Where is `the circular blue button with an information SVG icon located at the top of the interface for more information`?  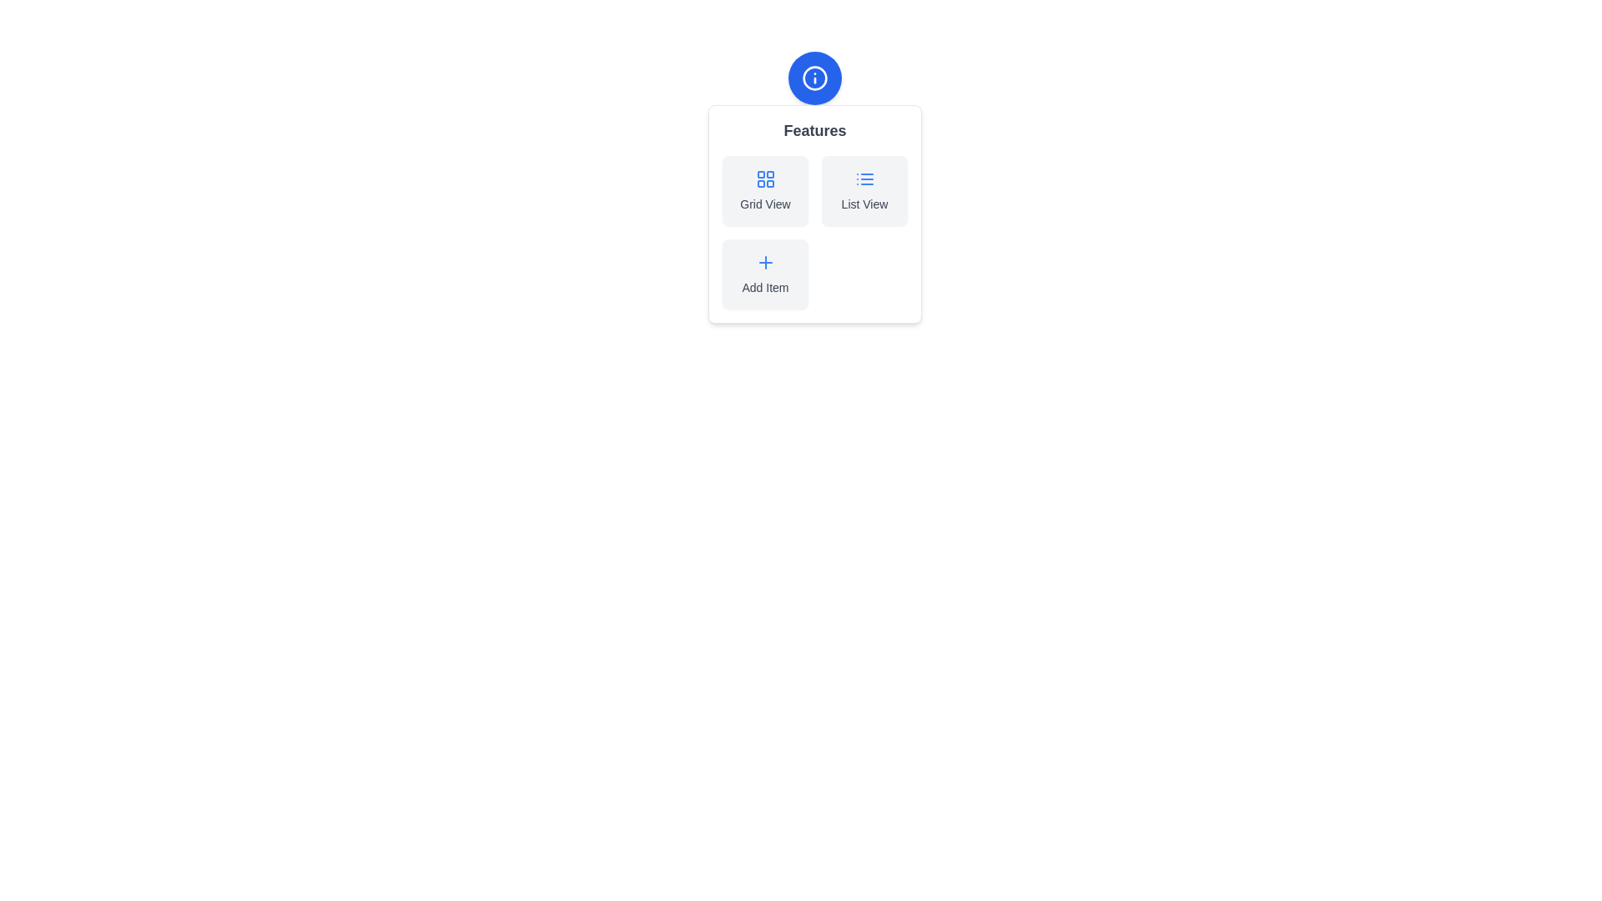
the circular blue button with an information SVG icon located at the top of the interface for more information is located at coordinates (815, 78).